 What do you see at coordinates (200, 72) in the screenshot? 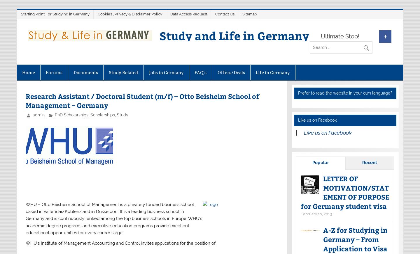
I see `'FAQ’s'` at bounding box center [200, 72].